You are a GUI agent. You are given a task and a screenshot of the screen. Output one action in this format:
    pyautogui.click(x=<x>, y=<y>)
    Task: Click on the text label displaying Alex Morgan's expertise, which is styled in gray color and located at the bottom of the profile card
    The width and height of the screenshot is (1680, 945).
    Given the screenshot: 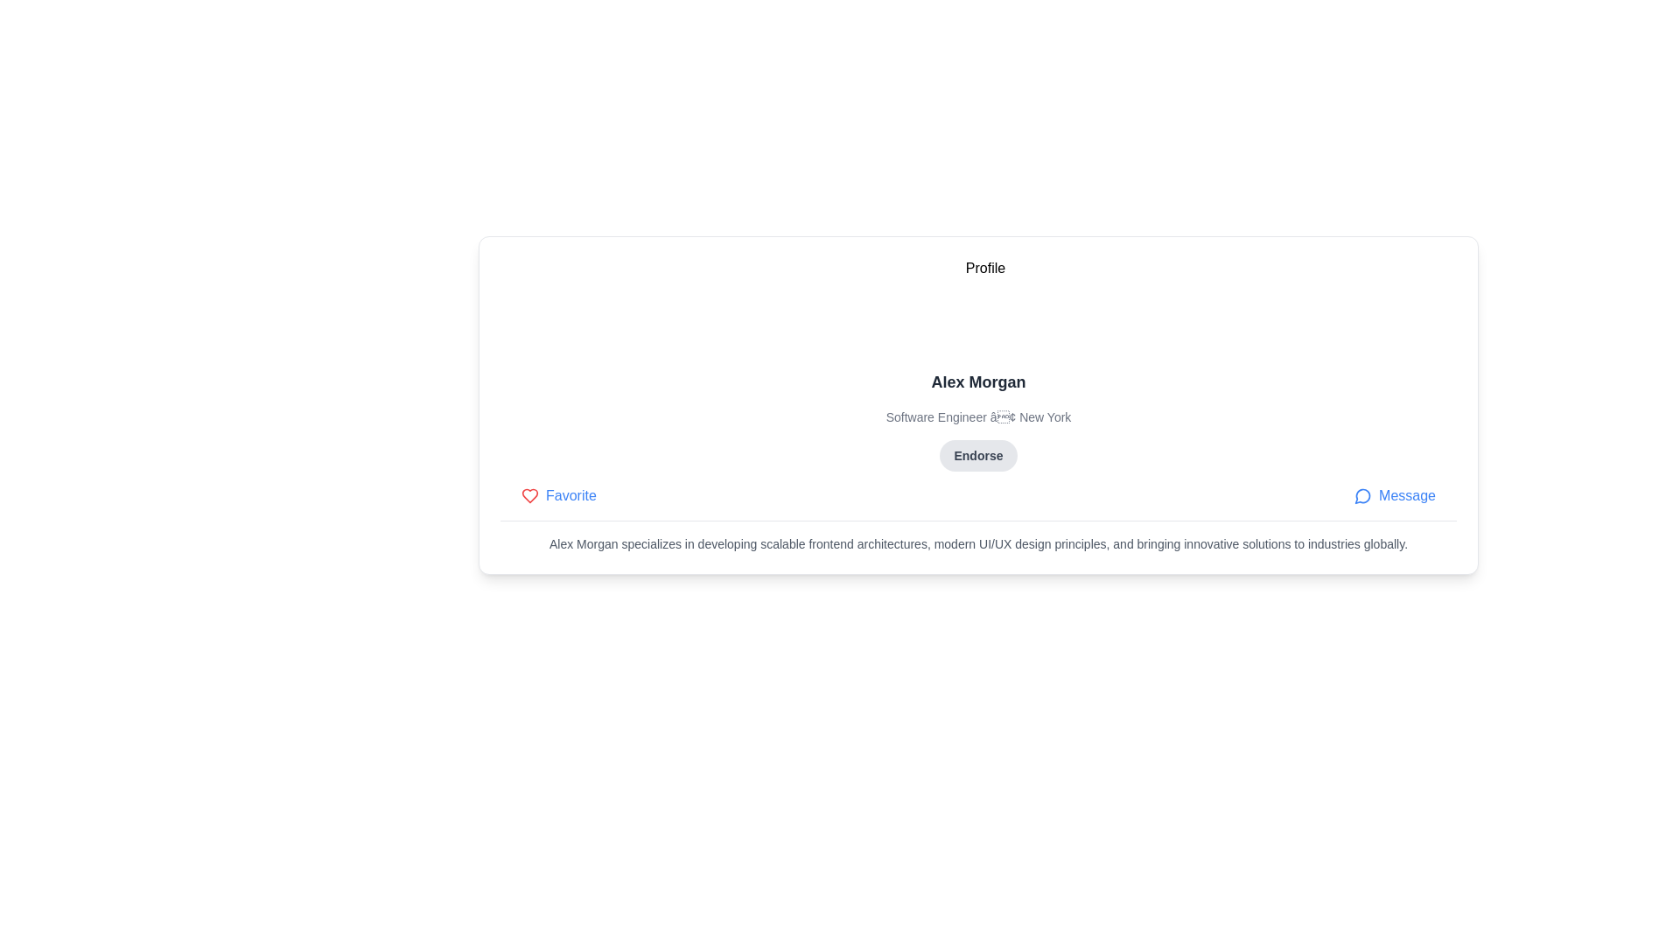 What is the action you would take?
    pyautogui.click(x=977, y=542)
    